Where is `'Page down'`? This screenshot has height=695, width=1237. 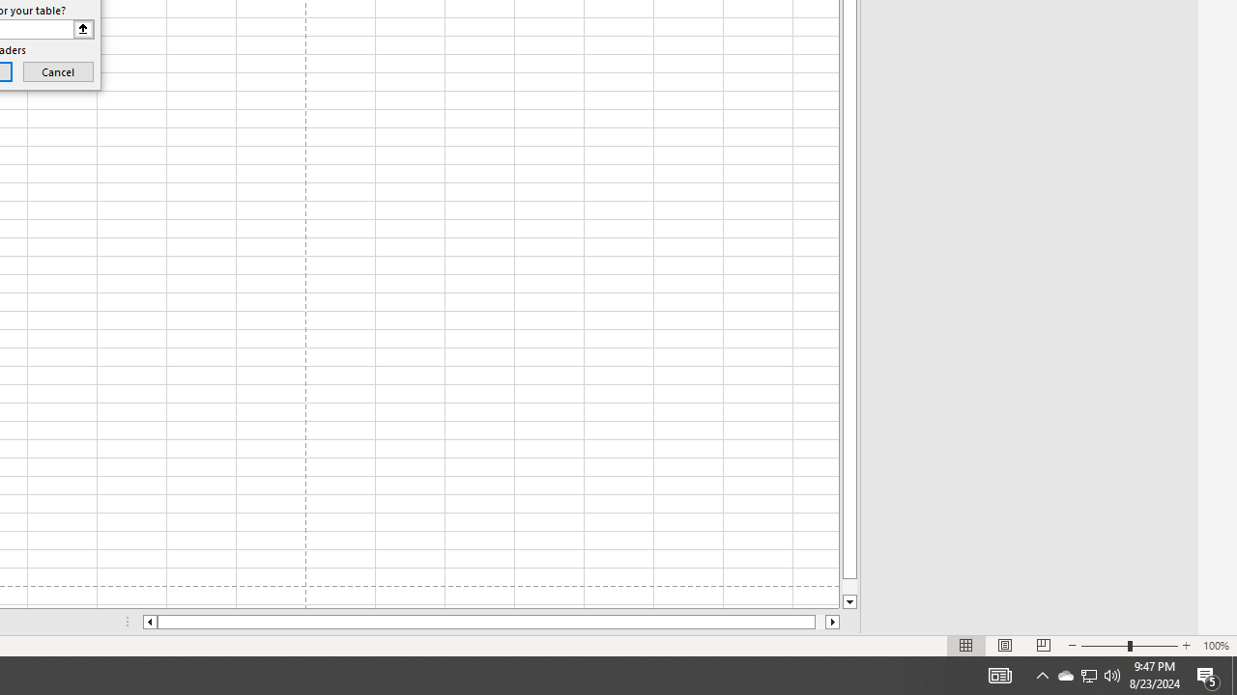
'Page down' is located at coordinates (849, 586).